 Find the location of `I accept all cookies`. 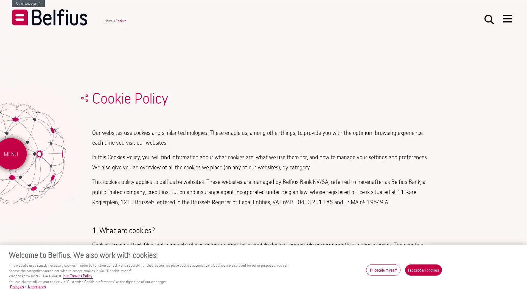

I accept all cookies is located at coordinates (423, 269).